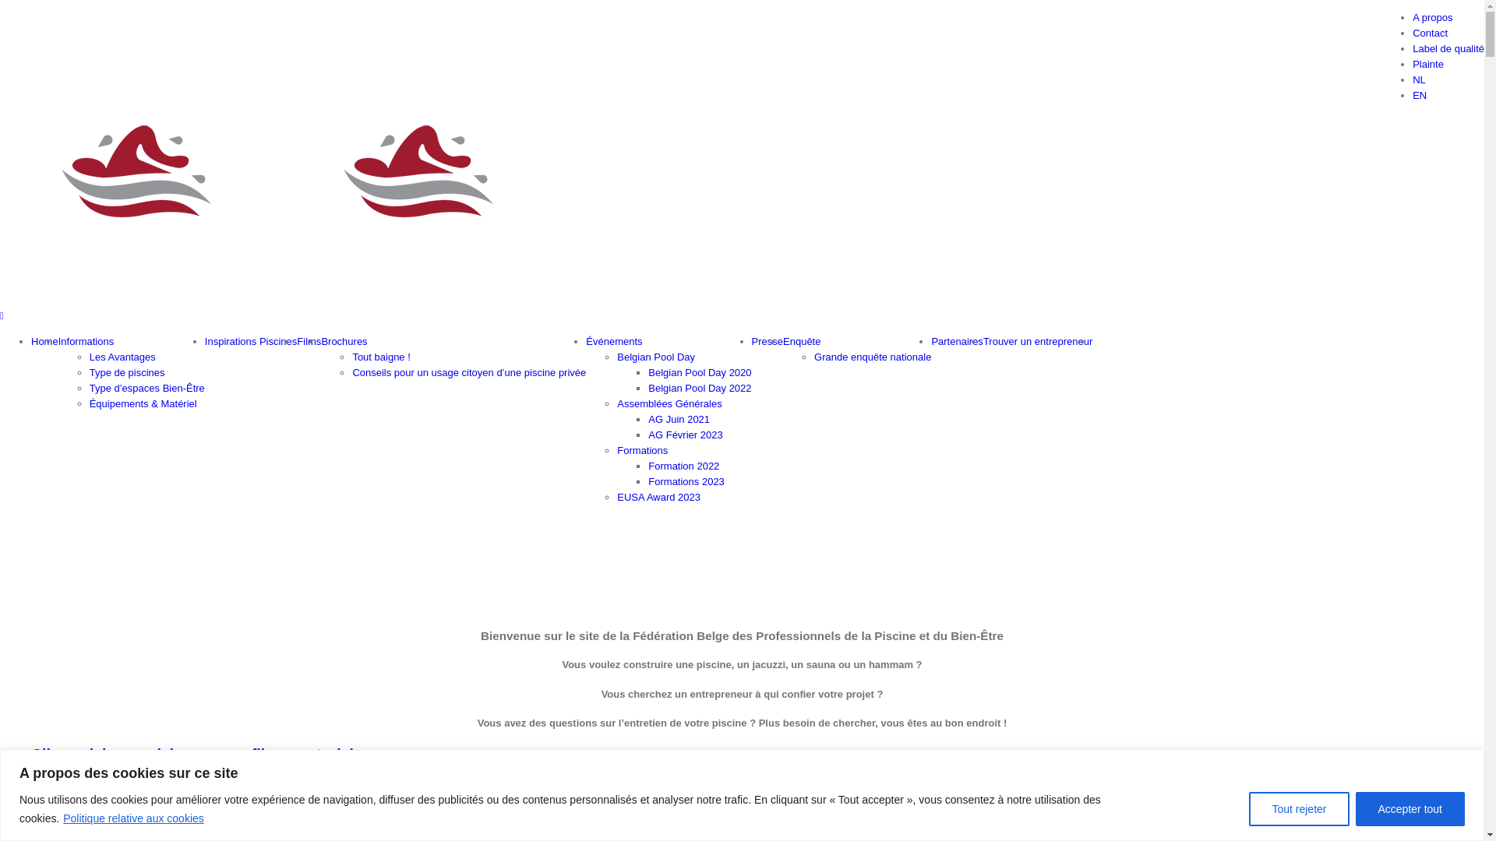  What do you see at coordinates (58, 340) in the screenshot?
I see `'Informations'` at bounding box center [58, 340].